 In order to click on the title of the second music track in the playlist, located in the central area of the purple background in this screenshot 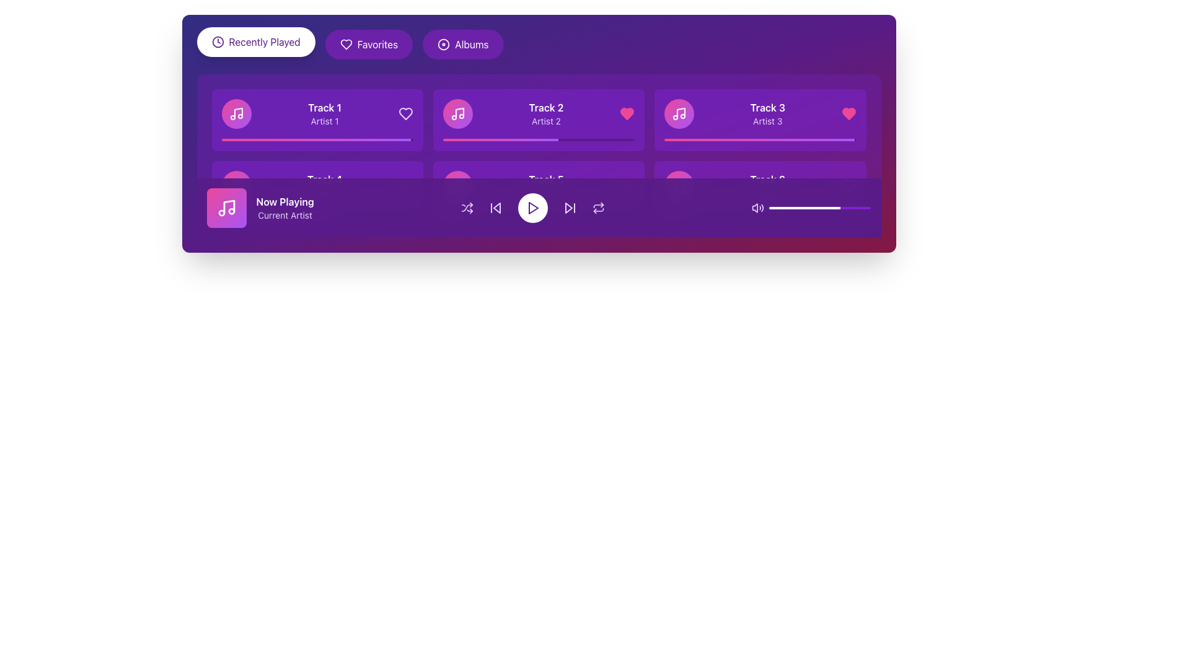, I will do `click(539, 114)`.